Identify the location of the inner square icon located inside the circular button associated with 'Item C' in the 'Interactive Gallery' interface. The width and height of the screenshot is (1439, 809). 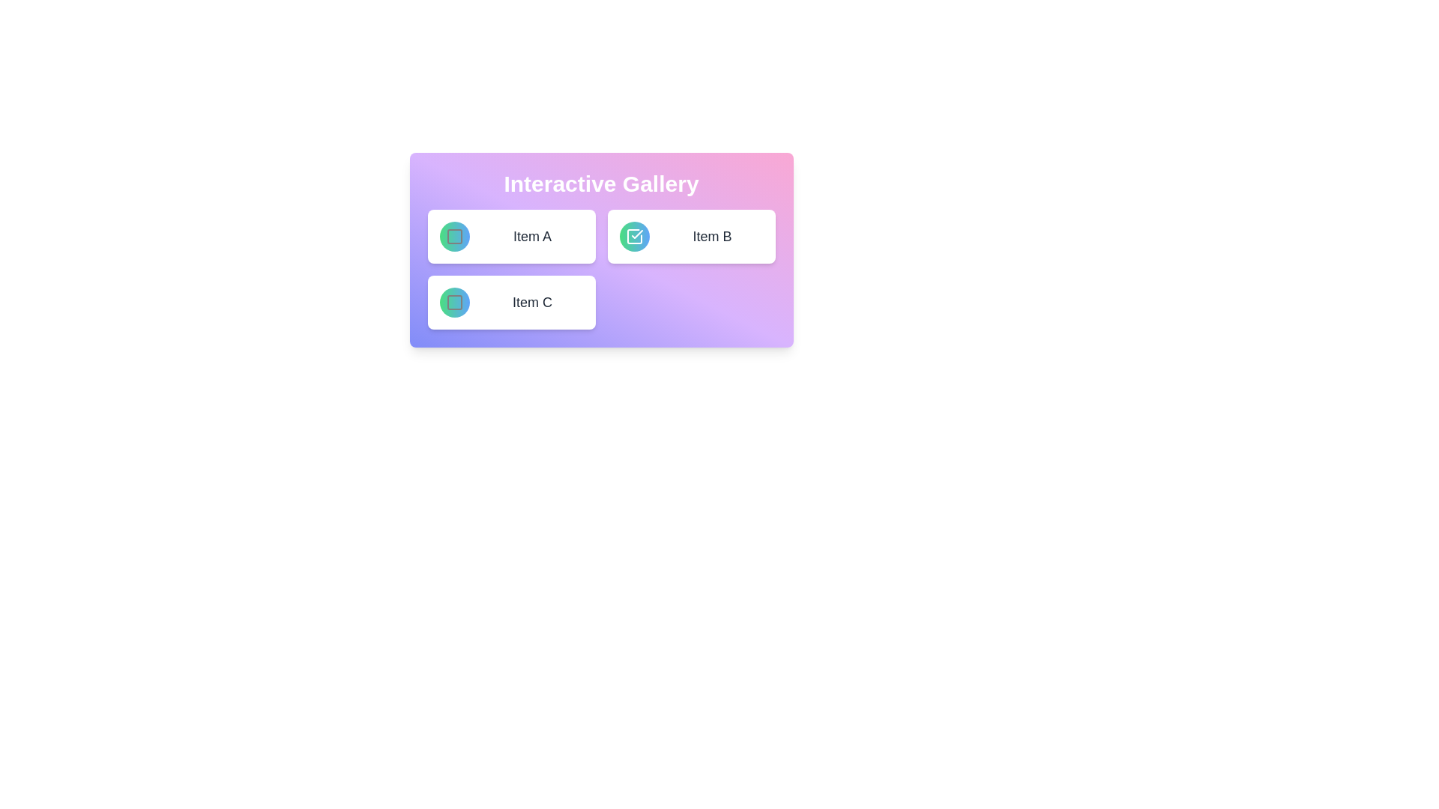
(453, 303).